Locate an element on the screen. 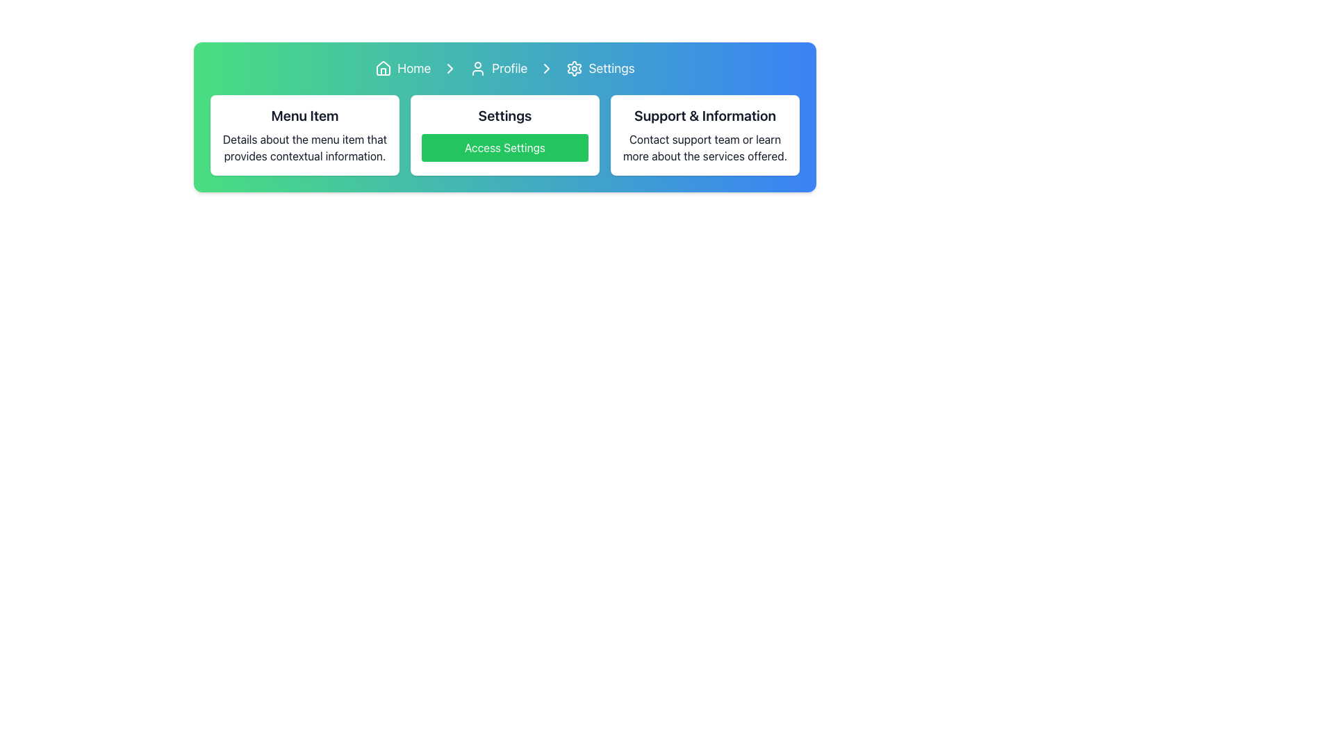 Image resolution: width=1334 pixels, height=750 pixels. the second hyperlink in the breadcrumb navigation bar, which is located between the 'Home' link and the 'Settings' link is located at coordinates (498, 69).